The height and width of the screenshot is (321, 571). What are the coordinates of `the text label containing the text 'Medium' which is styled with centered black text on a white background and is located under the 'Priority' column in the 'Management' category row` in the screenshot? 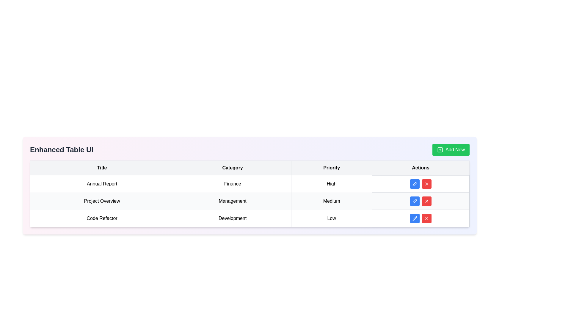 It's located at (331, 201).